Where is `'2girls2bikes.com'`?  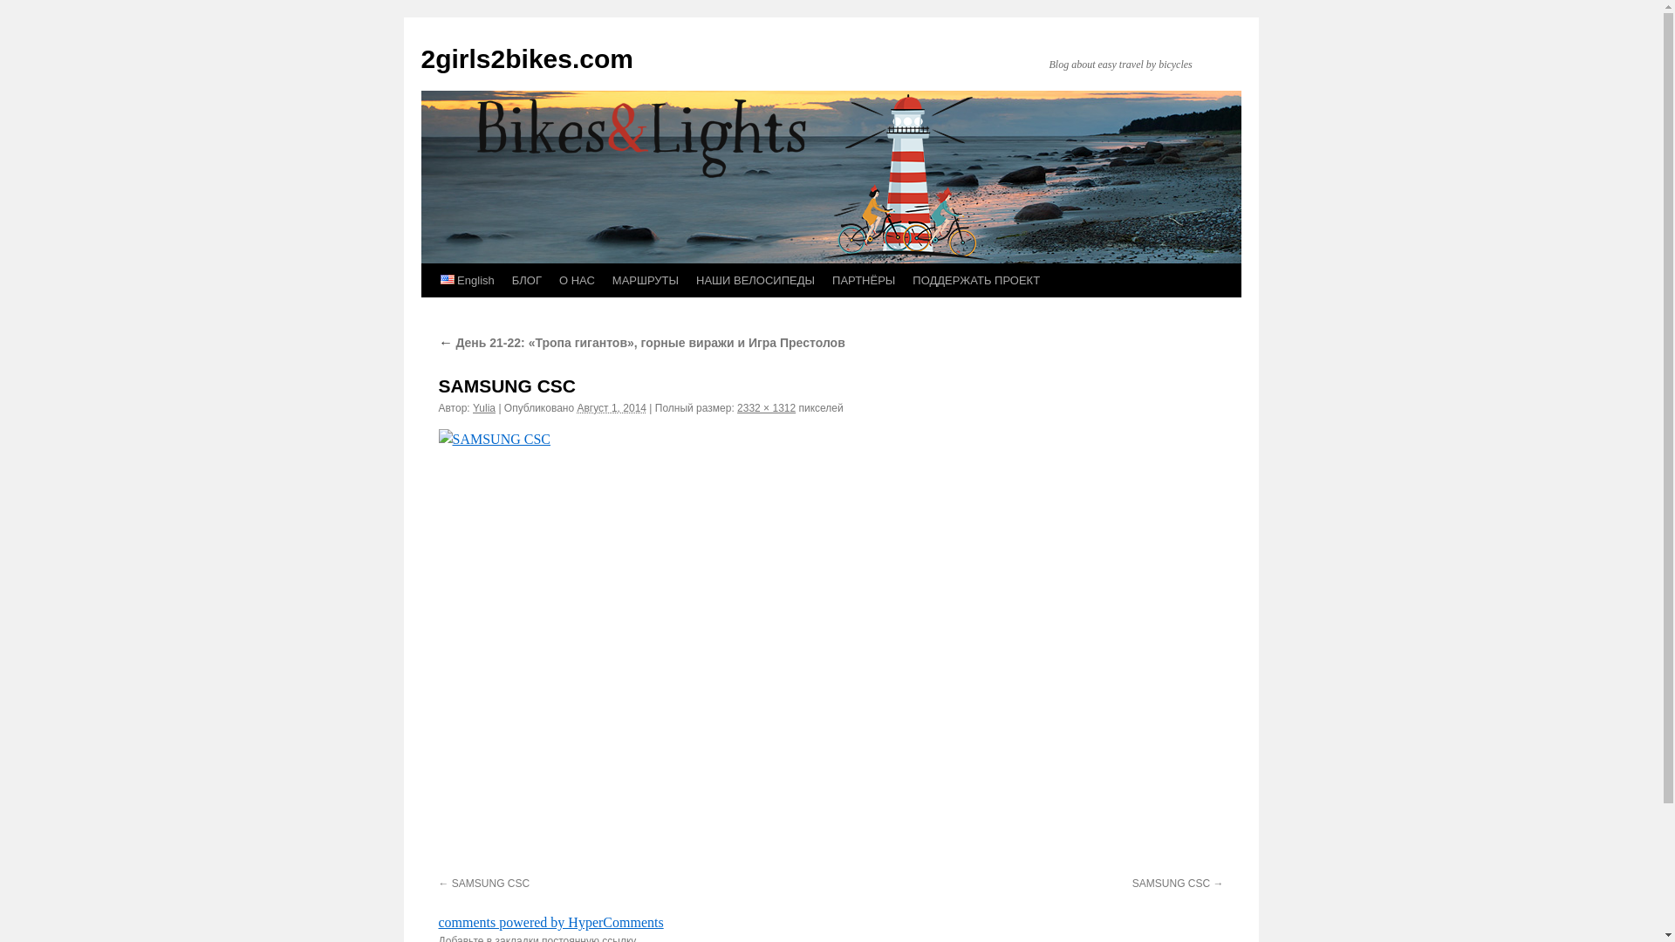 '2girls2bikes.com' is located at coordinates (525, 58).